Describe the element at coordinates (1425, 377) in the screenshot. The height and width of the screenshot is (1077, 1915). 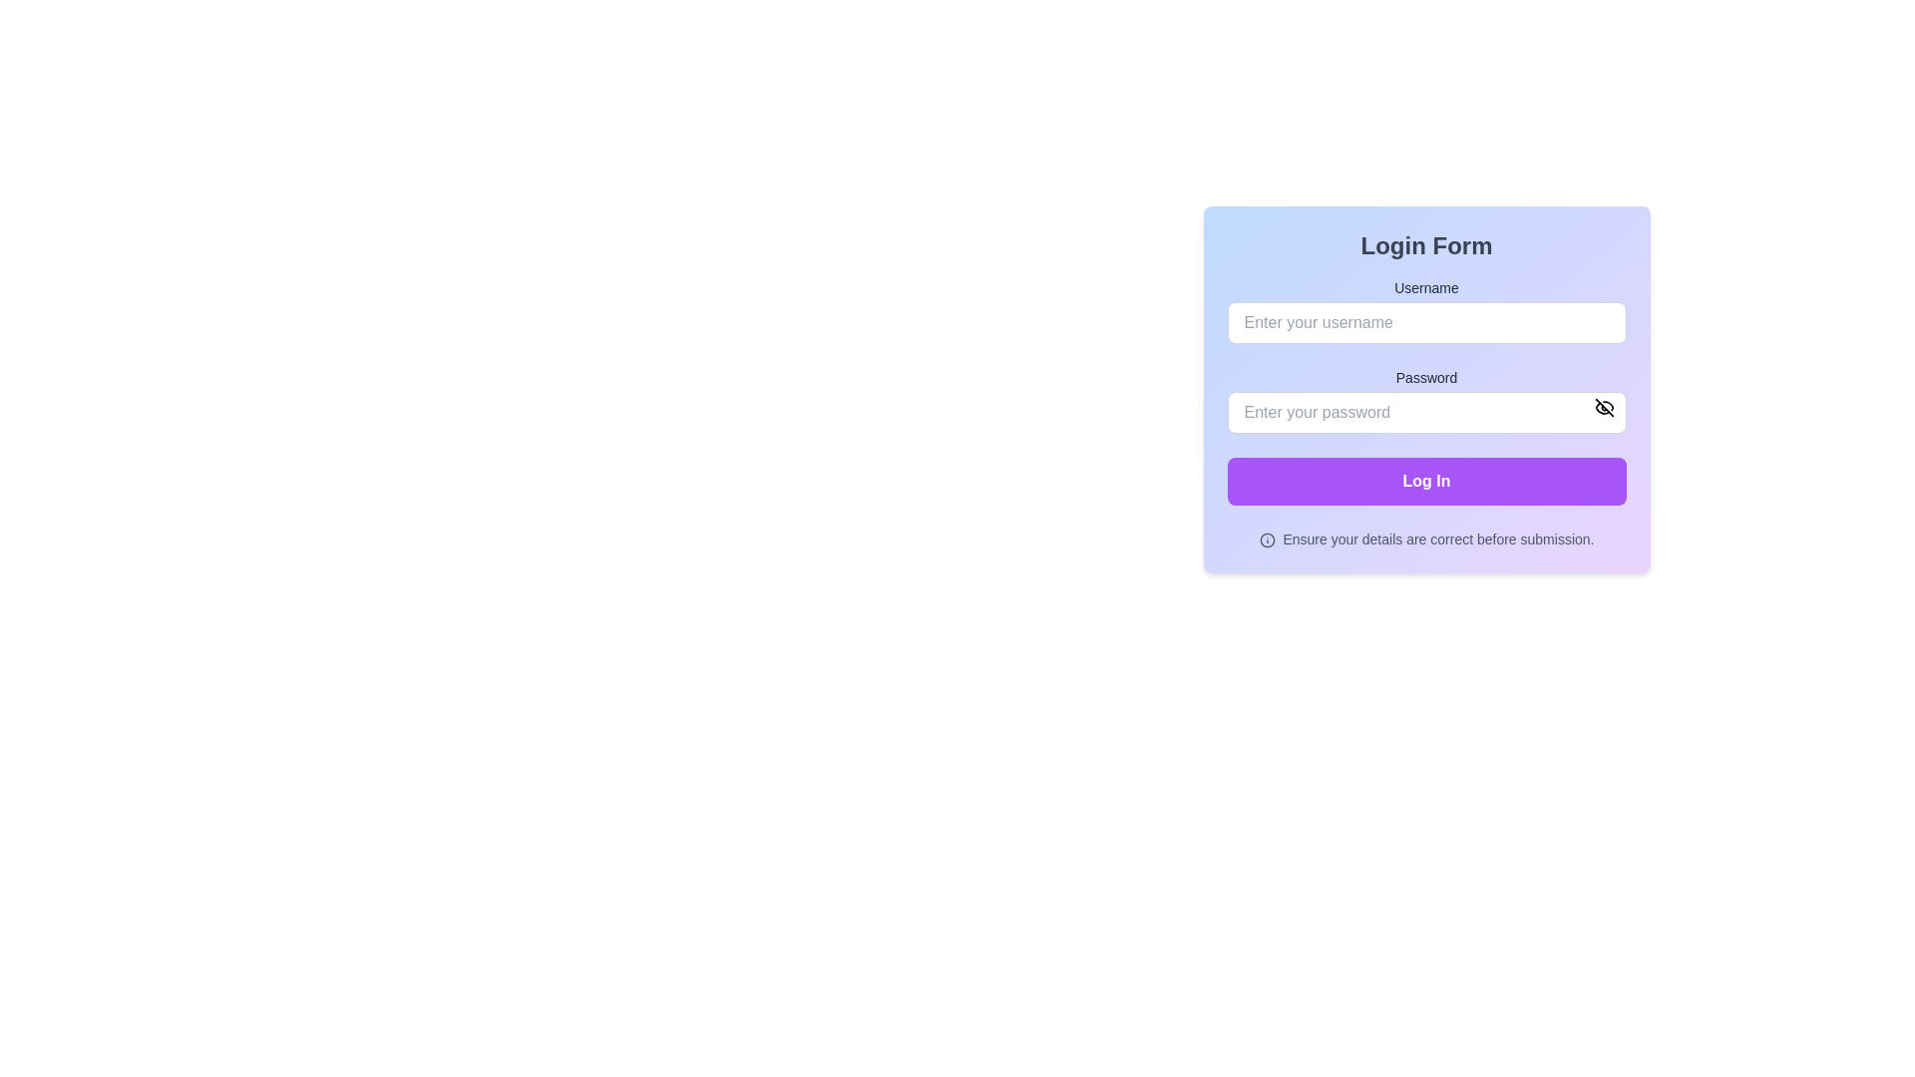
I see `the 'Password' text label, which is styled in a sans-serif font and is positioned above the corresponding input field in the form layout` at that location.